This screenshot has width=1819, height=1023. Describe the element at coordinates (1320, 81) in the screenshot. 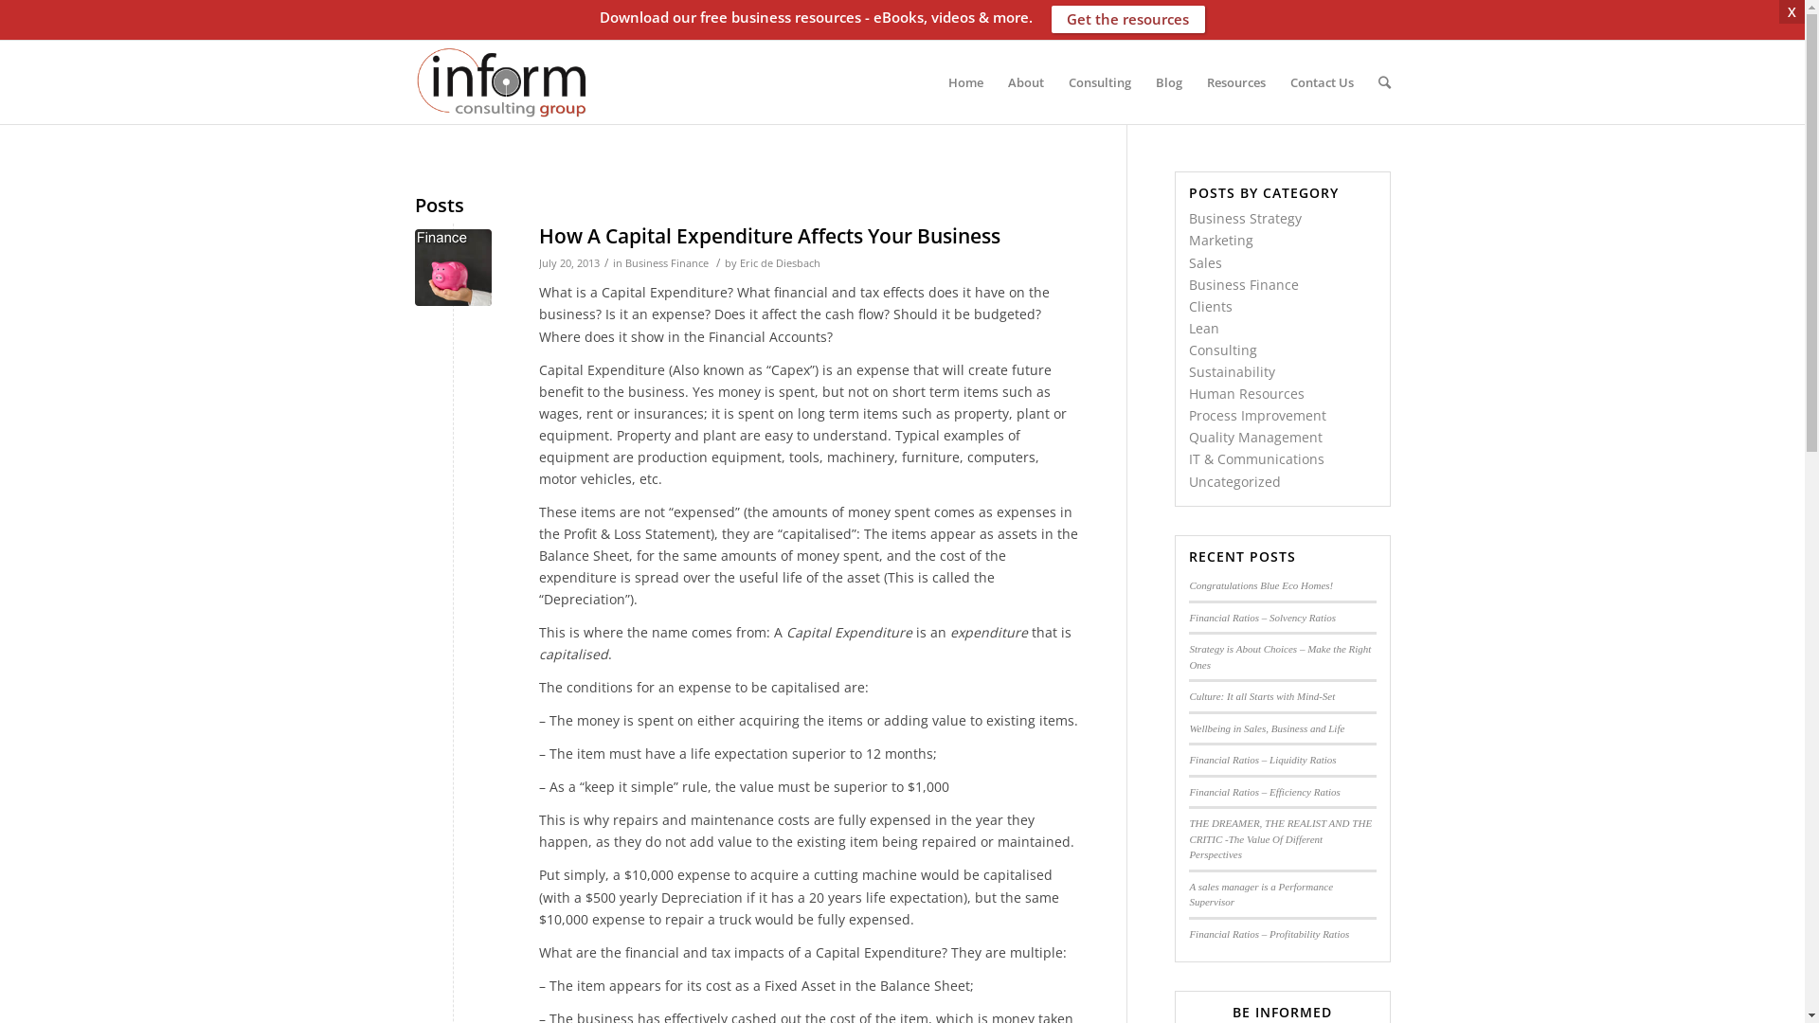

I see `'Contact Us'` at that location.